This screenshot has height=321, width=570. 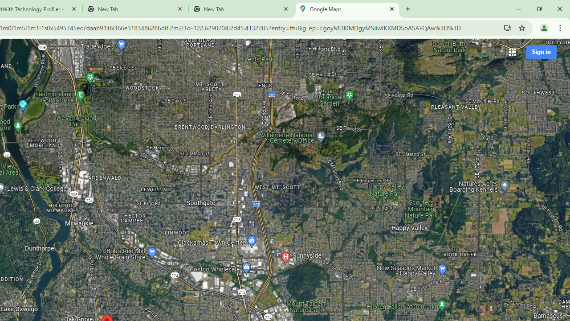 What do you see at coordinates (241, 9) in the screenshot?
I see `'New Tab'` at bounding box center [241, 9].